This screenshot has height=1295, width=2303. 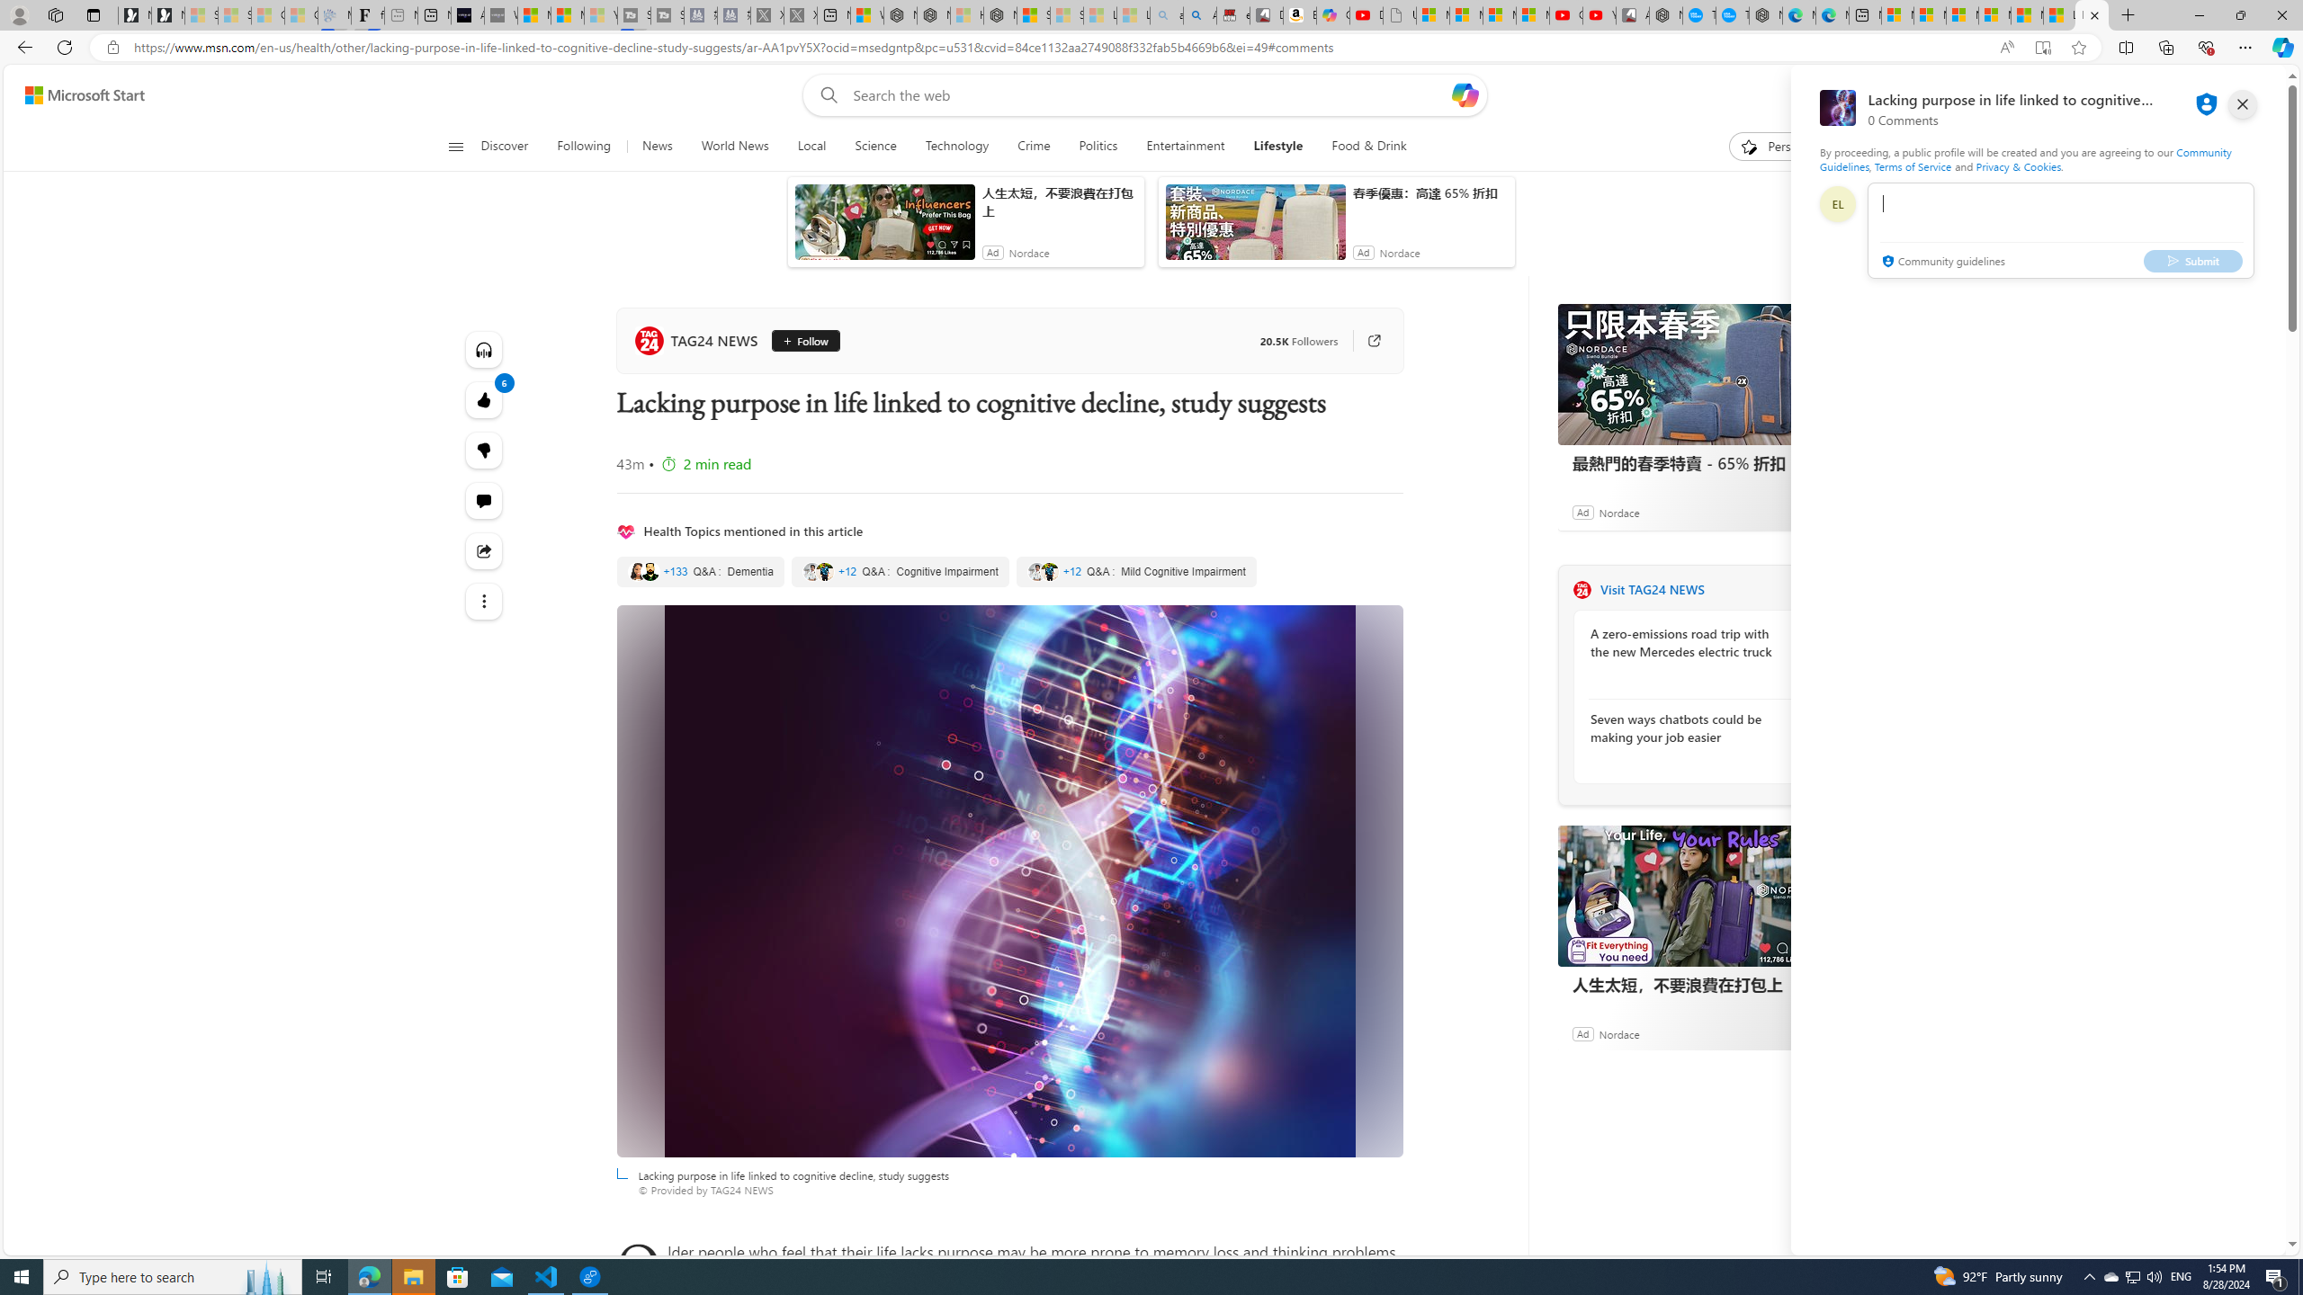 What do you see at coordinates (483, 348) in the screenshot?
I see `'Listen to this article'` at bounding box center [483, 348].